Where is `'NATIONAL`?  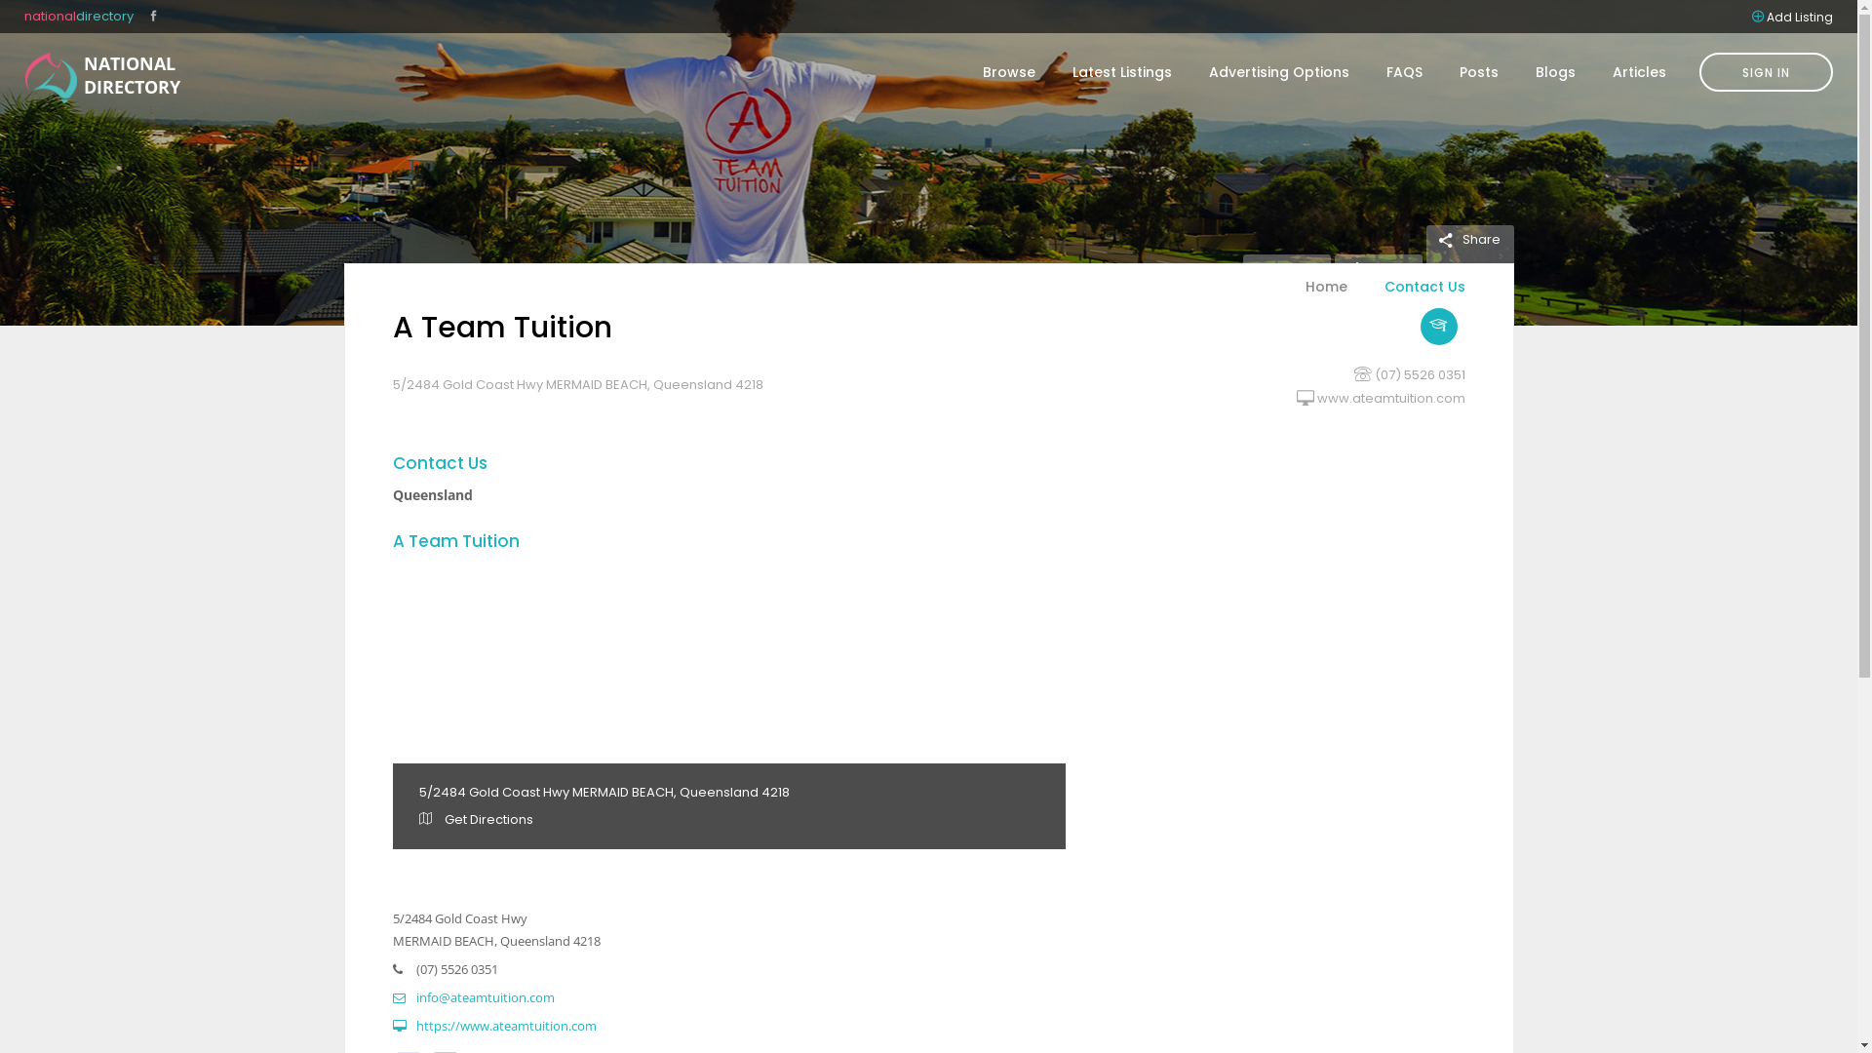 'NATIONAL is located at coordinates (51, 77).